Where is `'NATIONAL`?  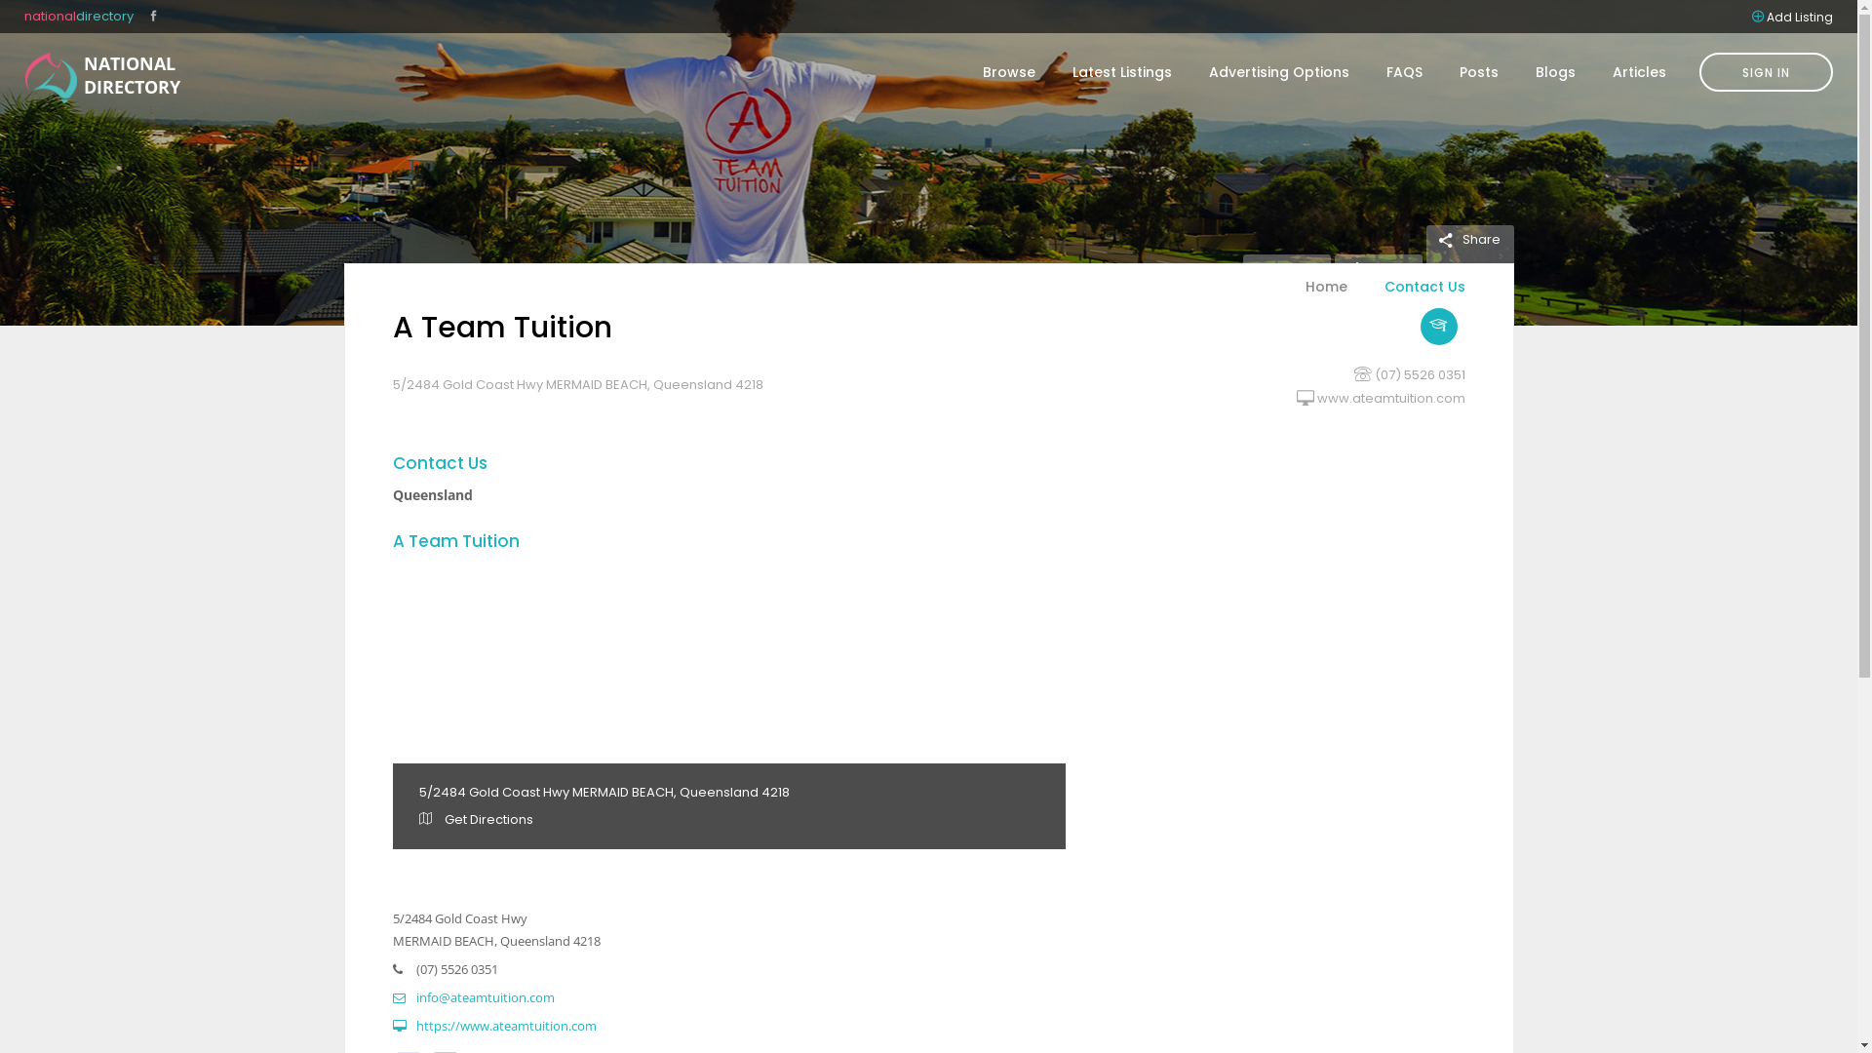 'NATIONAL is located at coordinates (51, 77).